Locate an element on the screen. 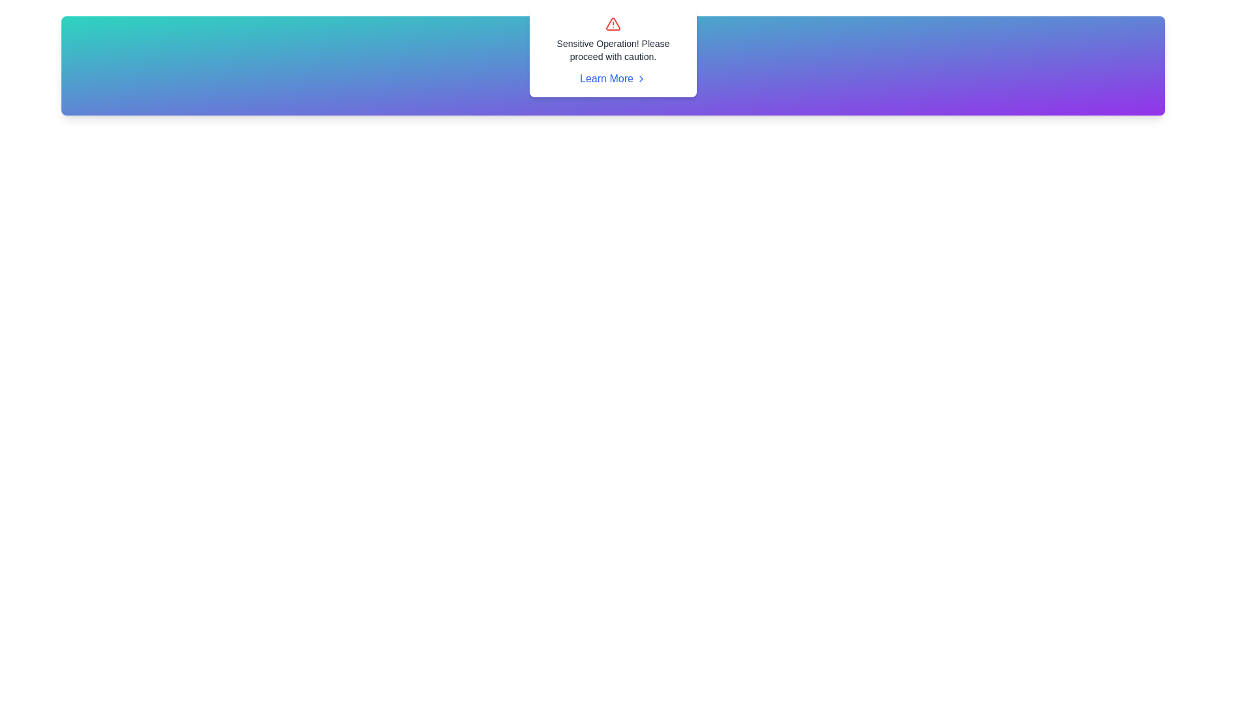  the directional icon indicating the 'Learn More' hyperlink, which is positioned to the right of the text 'Learn More' beneath the message 'Sensitive Operation! Please proceed with caution' is located at coordinates (641, 78).